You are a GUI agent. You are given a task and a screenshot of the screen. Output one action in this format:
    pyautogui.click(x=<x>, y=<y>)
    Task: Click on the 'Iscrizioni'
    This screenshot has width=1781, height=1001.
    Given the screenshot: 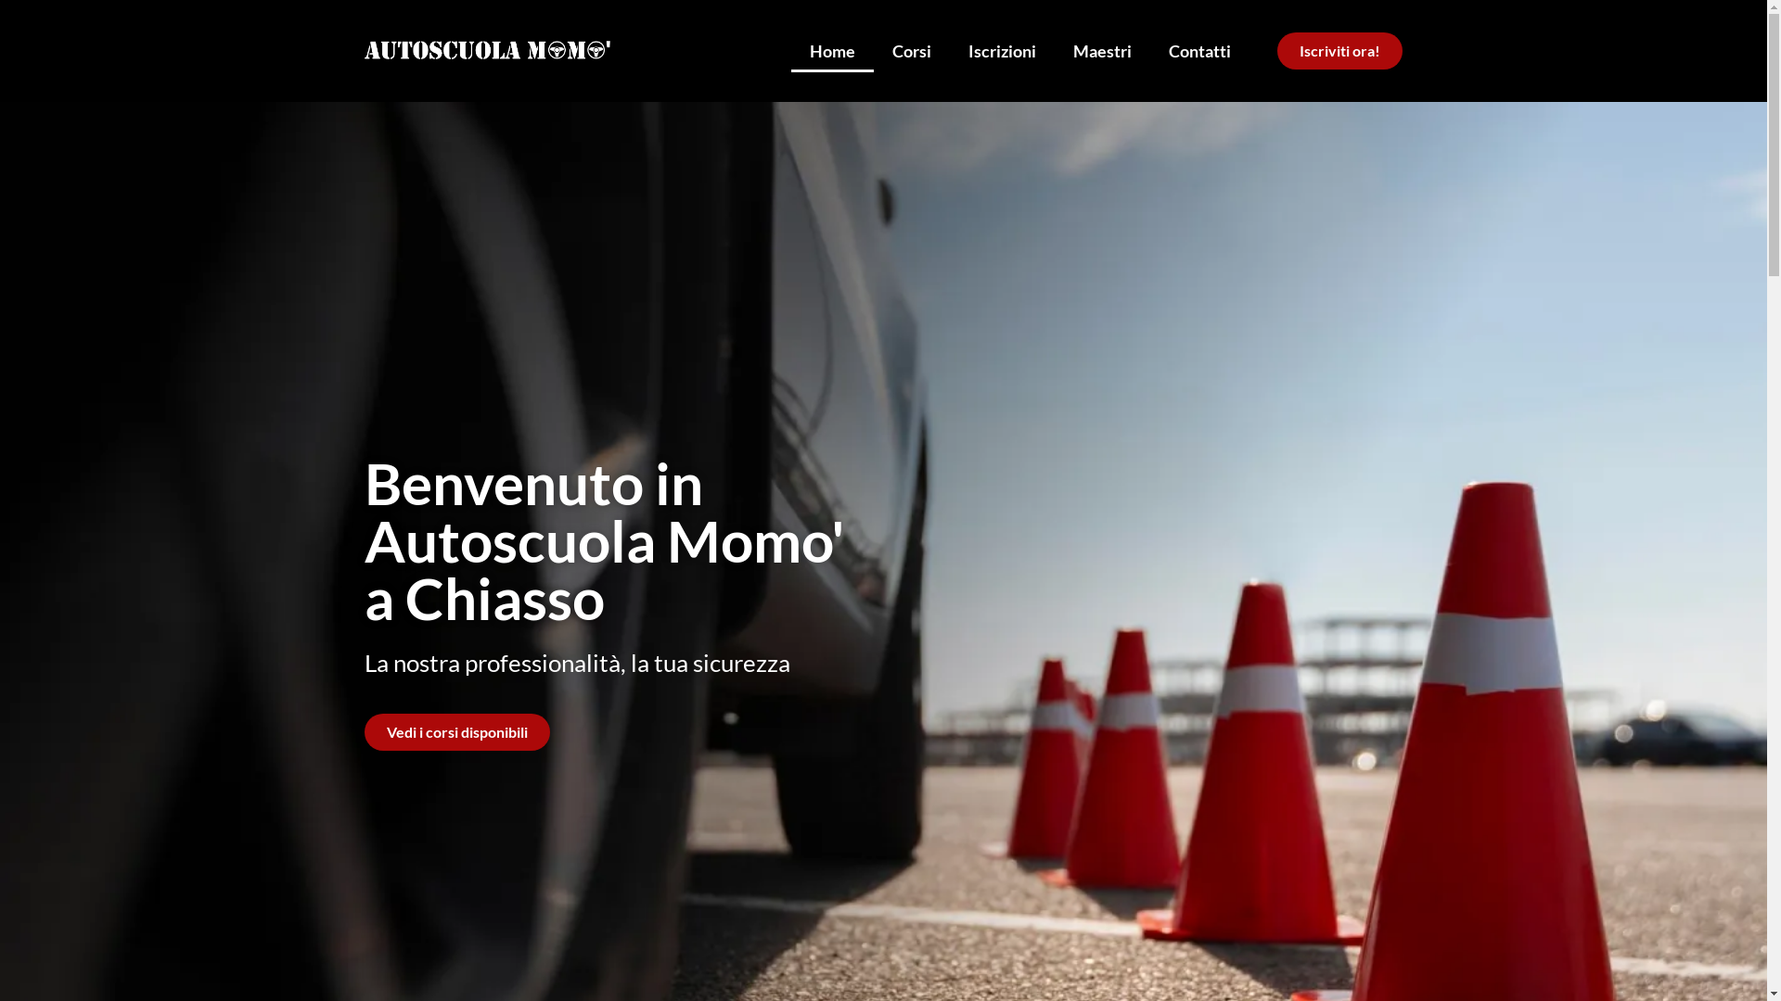 What is the action you would take?
    pyautogui.click(x=949, y=49)
    